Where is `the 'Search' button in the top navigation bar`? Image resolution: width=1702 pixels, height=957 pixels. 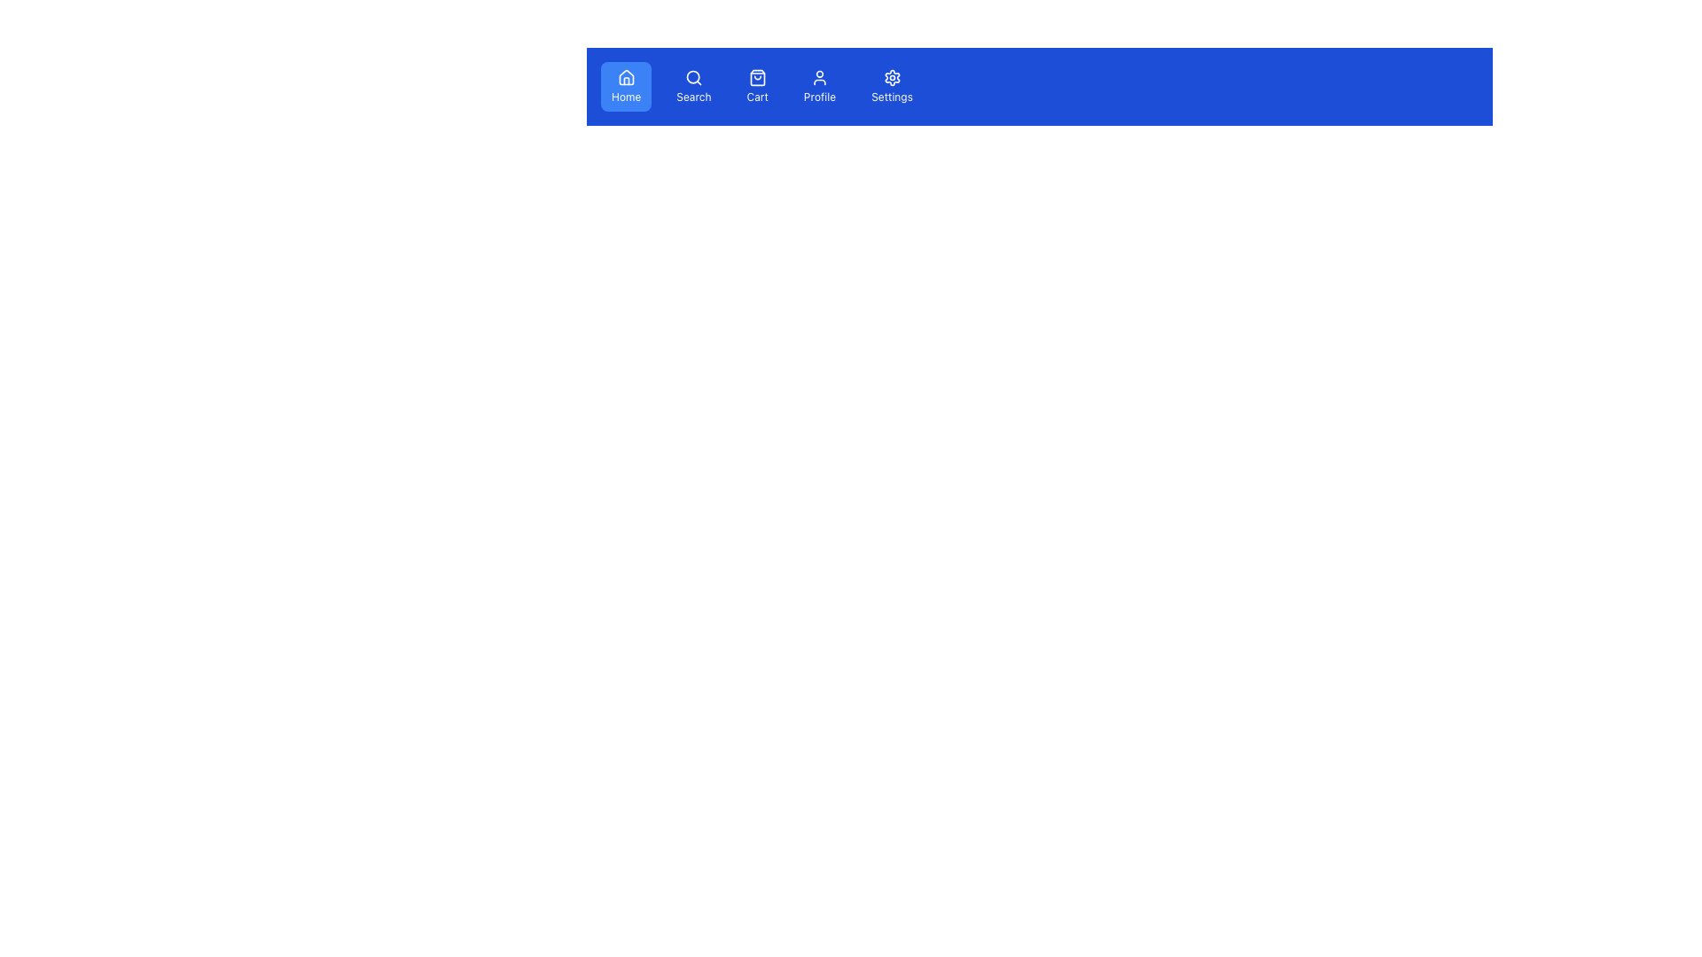 the 'Search' button in the top navigation bar is located at coordinates (692, 86).